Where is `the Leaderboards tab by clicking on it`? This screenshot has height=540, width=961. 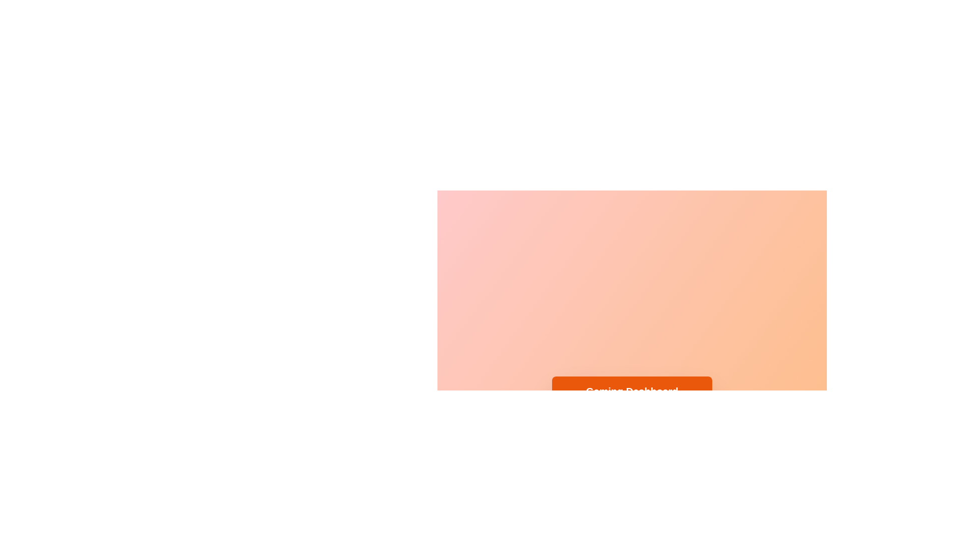 the Leaderboards tab by clicking on it is located at coordinates (639, 424).